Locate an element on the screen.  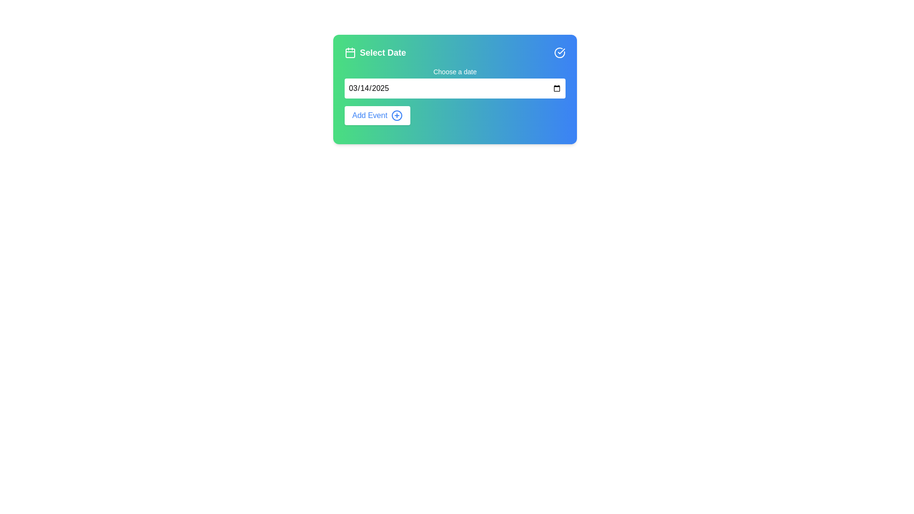
the completion or confirmation icon located at the top-right corner of the 'Select Date' section, adjacent to the calendar input is located at coordinates (560, 53).